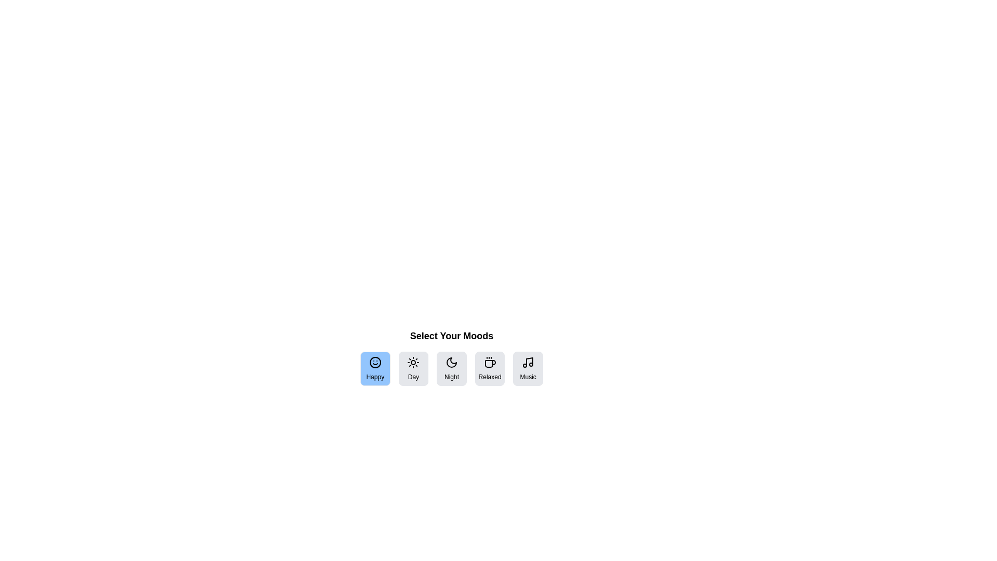 This screenshot has width=997, height=561. Describe the element at coordinates (413, 368) in the screenshot. I see `the rounded rectangular button labeled 'Day' with a black sun icon to change its background color` at that location.